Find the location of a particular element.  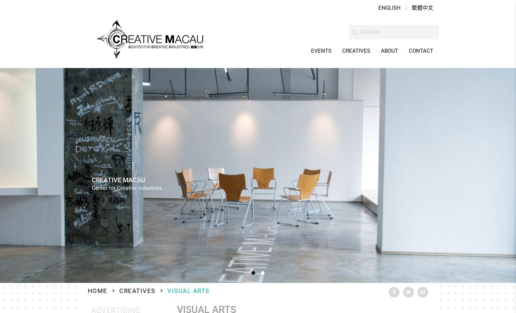

'Center for Creative Industries' is located at coordinates (126, 188).